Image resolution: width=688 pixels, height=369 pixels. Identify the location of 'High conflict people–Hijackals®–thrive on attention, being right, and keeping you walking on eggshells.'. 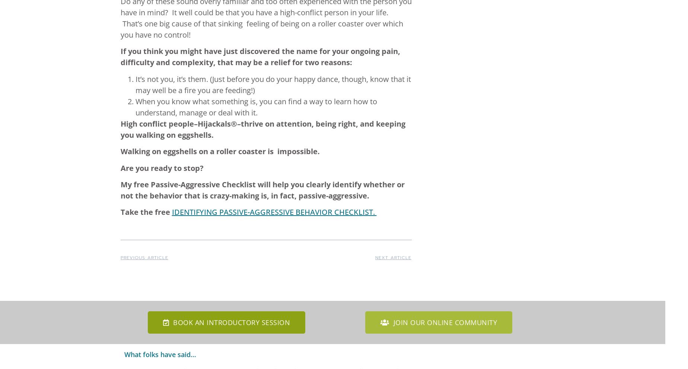
(120, 129).